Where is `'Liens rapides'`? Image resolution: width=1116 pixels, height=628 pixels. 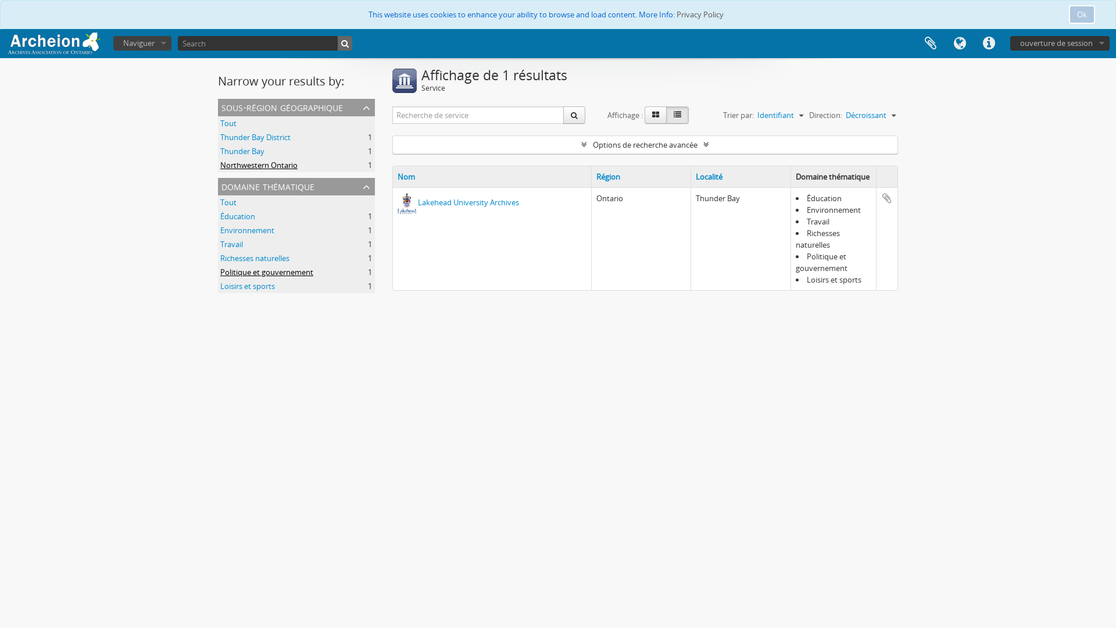
'Liens rapides' is located at coordinates (974, 42).